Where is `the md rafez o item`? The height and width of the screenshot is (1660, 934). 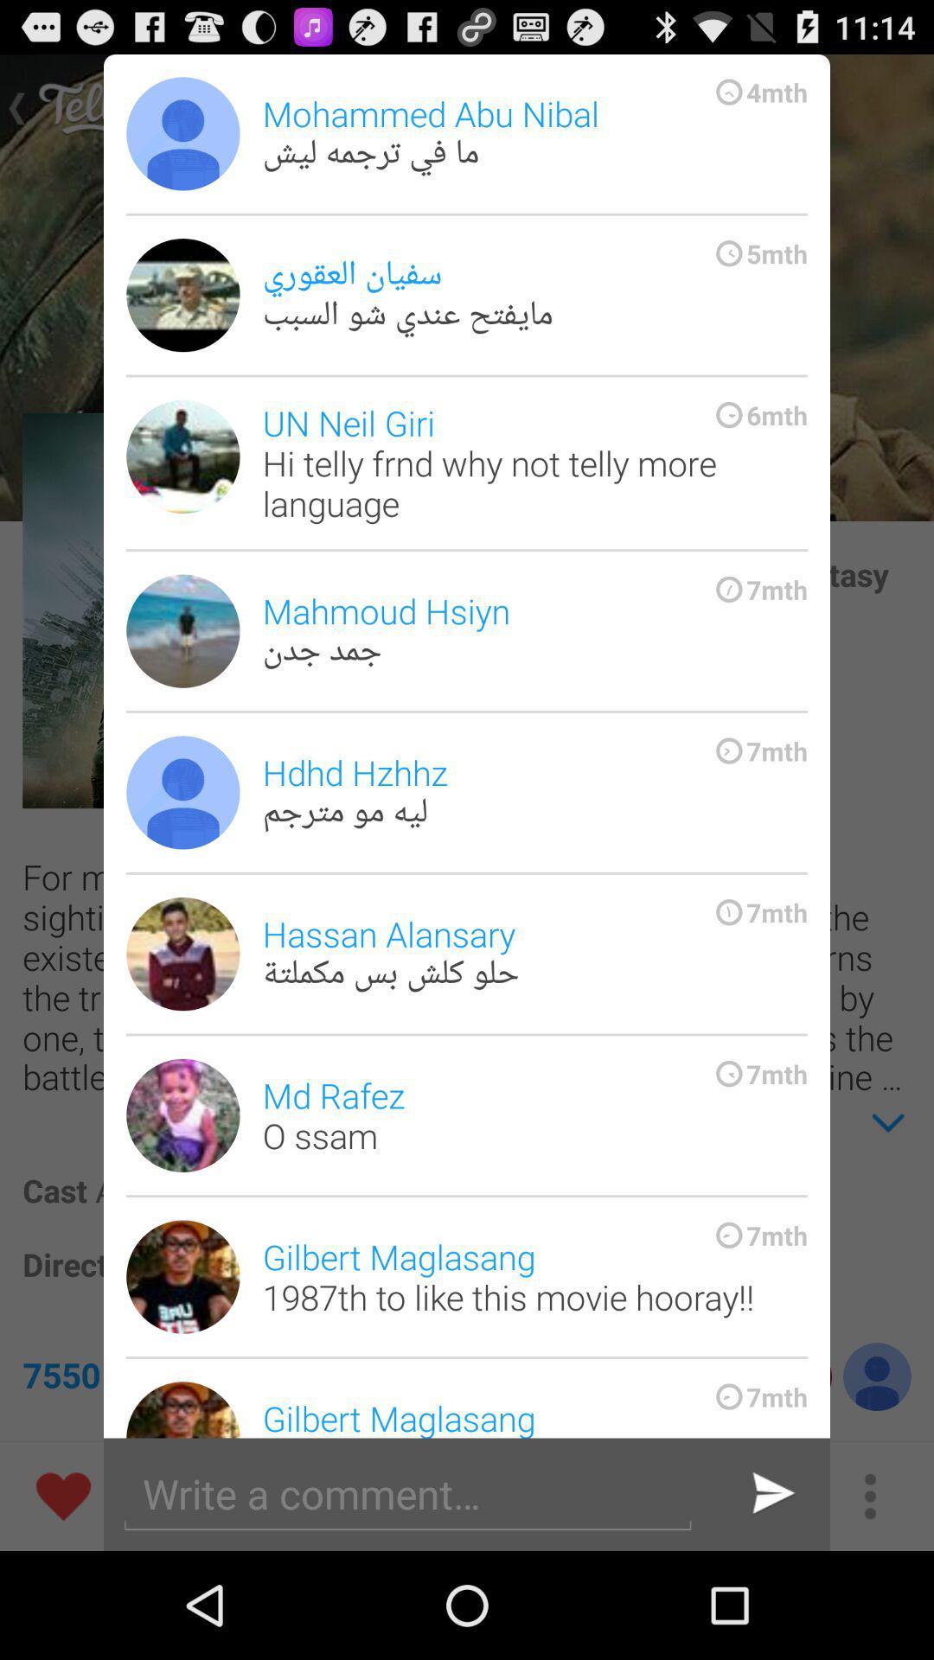
the md rafez o item is located at coordinates (534, 1115).